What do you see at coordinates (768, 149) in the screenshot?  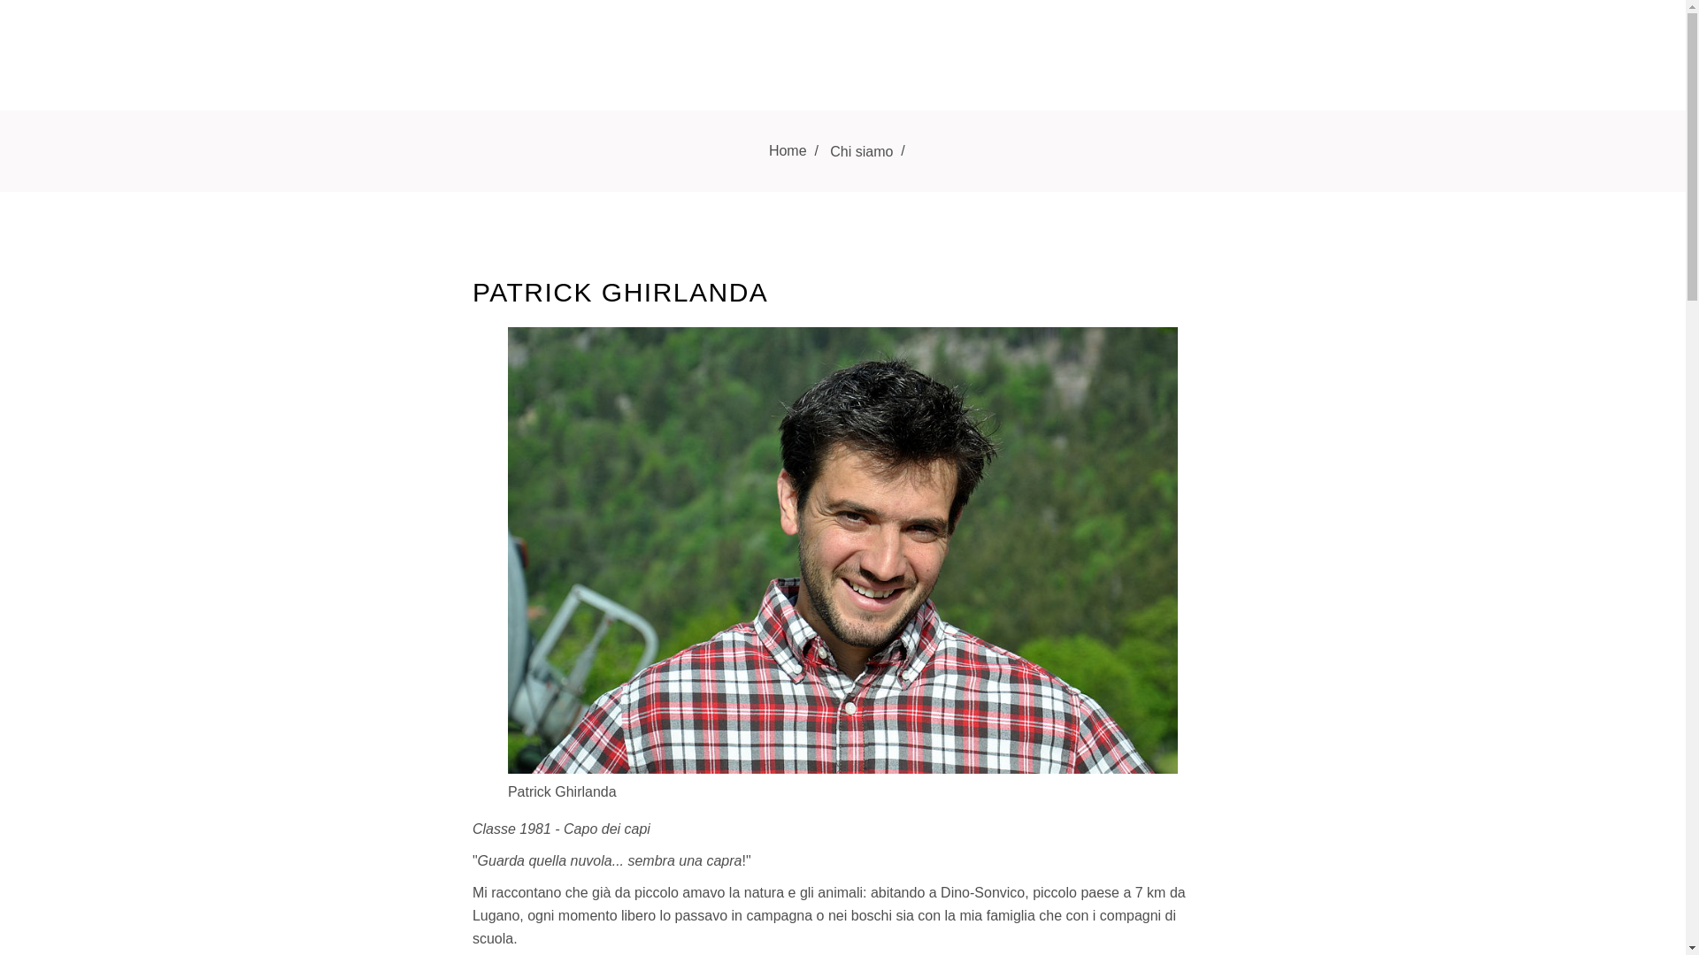 I see `'Home'` at bounding box center [768, 149].